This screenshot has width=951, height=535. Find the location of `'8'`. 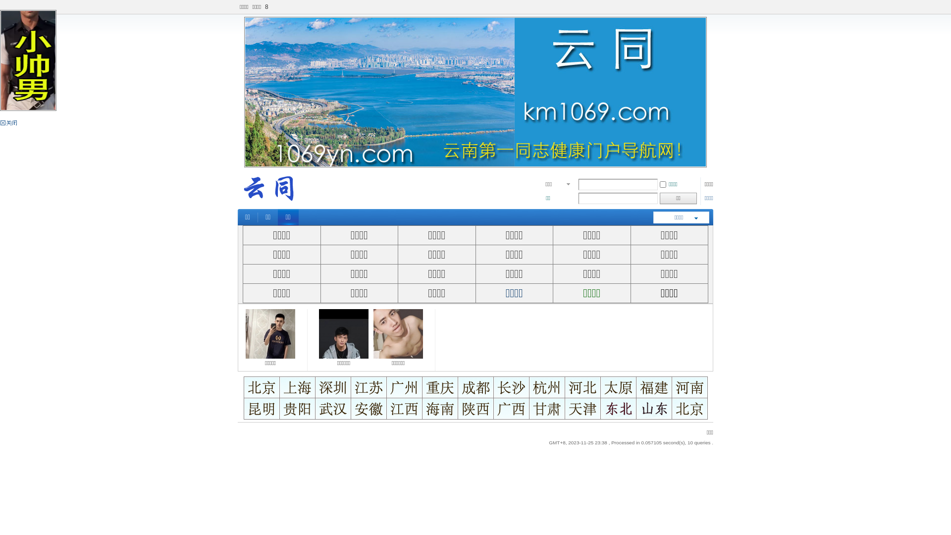

'8' is located at coordinates (266, 7).